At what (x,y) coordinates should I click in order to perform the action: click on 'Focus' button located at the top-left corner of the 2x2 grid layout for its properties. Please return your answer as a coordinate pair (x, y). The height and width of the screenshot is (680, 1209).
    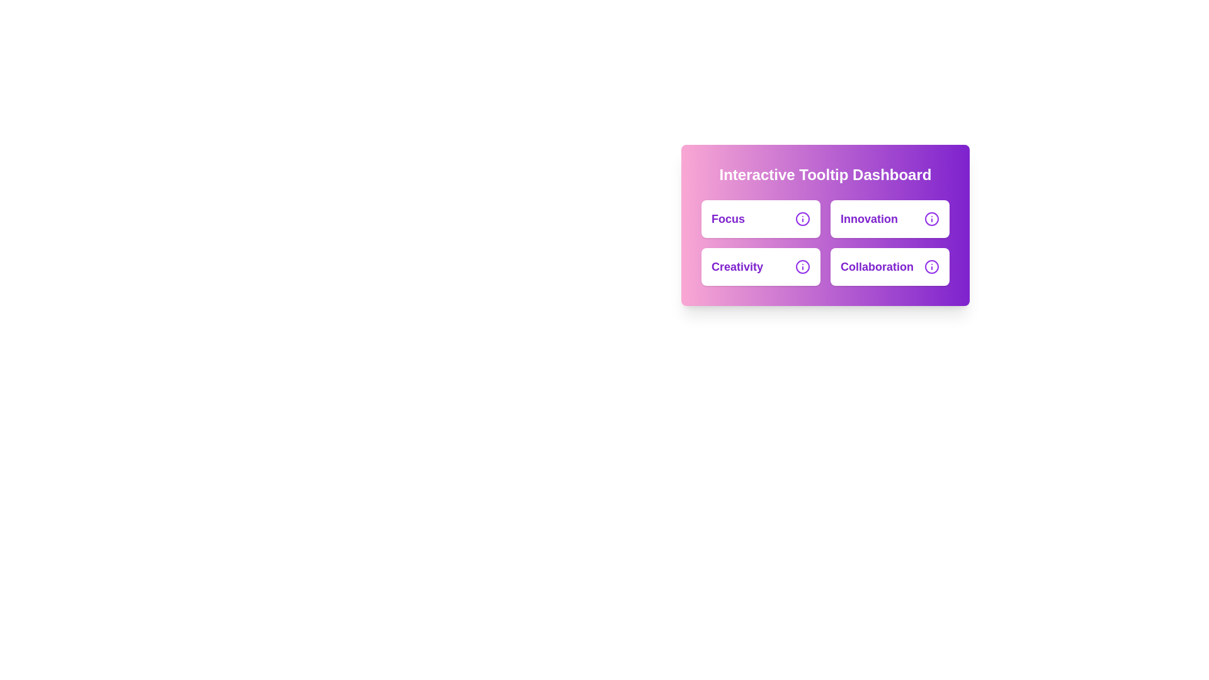
    Looking at the image, I should click on (760, 218).